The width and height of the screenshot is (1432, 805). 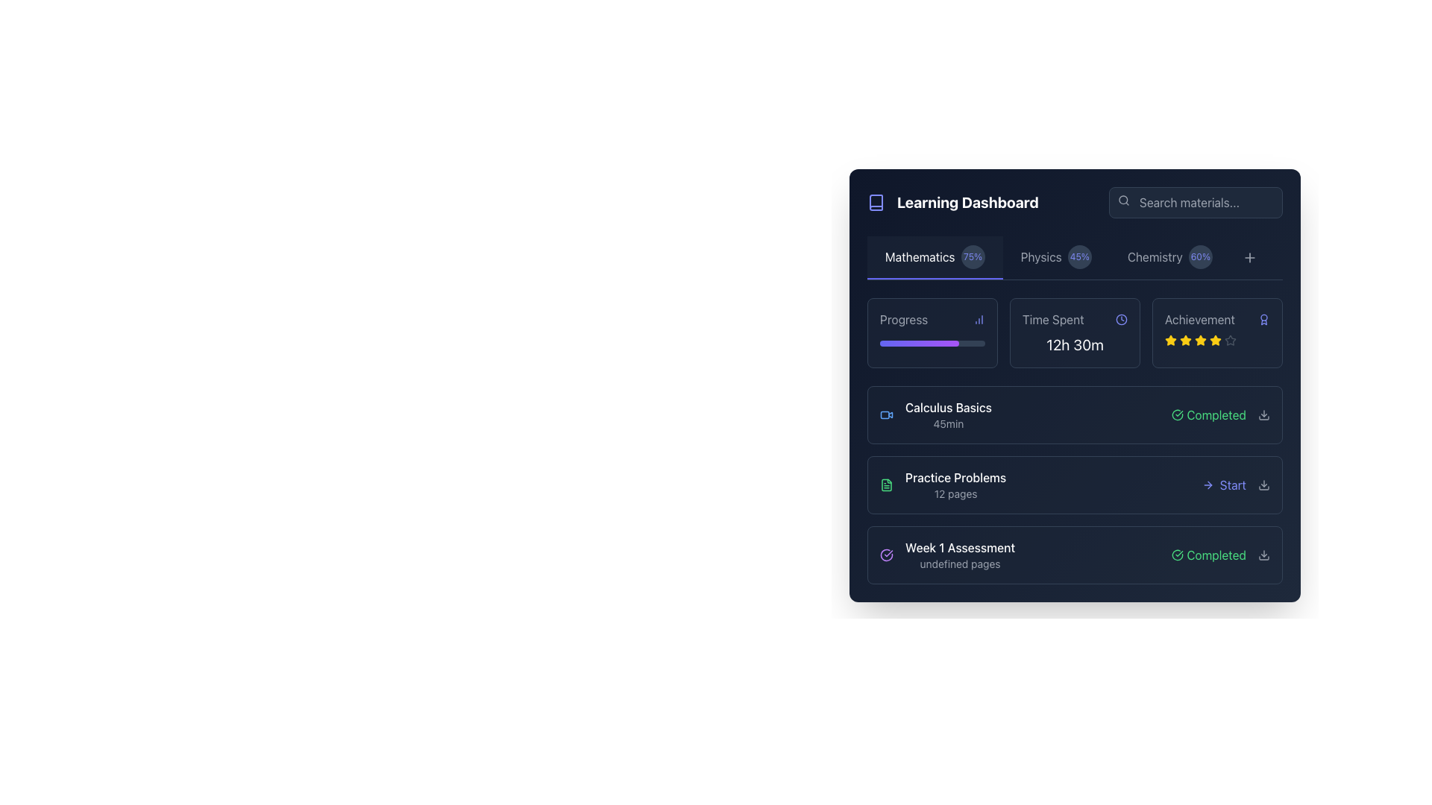 What do you see at coordinates (887, 555) in the screenshot?
I see `the completion icon located to the right of the 'Week 1 Assessment' label in the dashboard interface, which visually indicates a completed state for the associated task` at bounding box center [887, 555].